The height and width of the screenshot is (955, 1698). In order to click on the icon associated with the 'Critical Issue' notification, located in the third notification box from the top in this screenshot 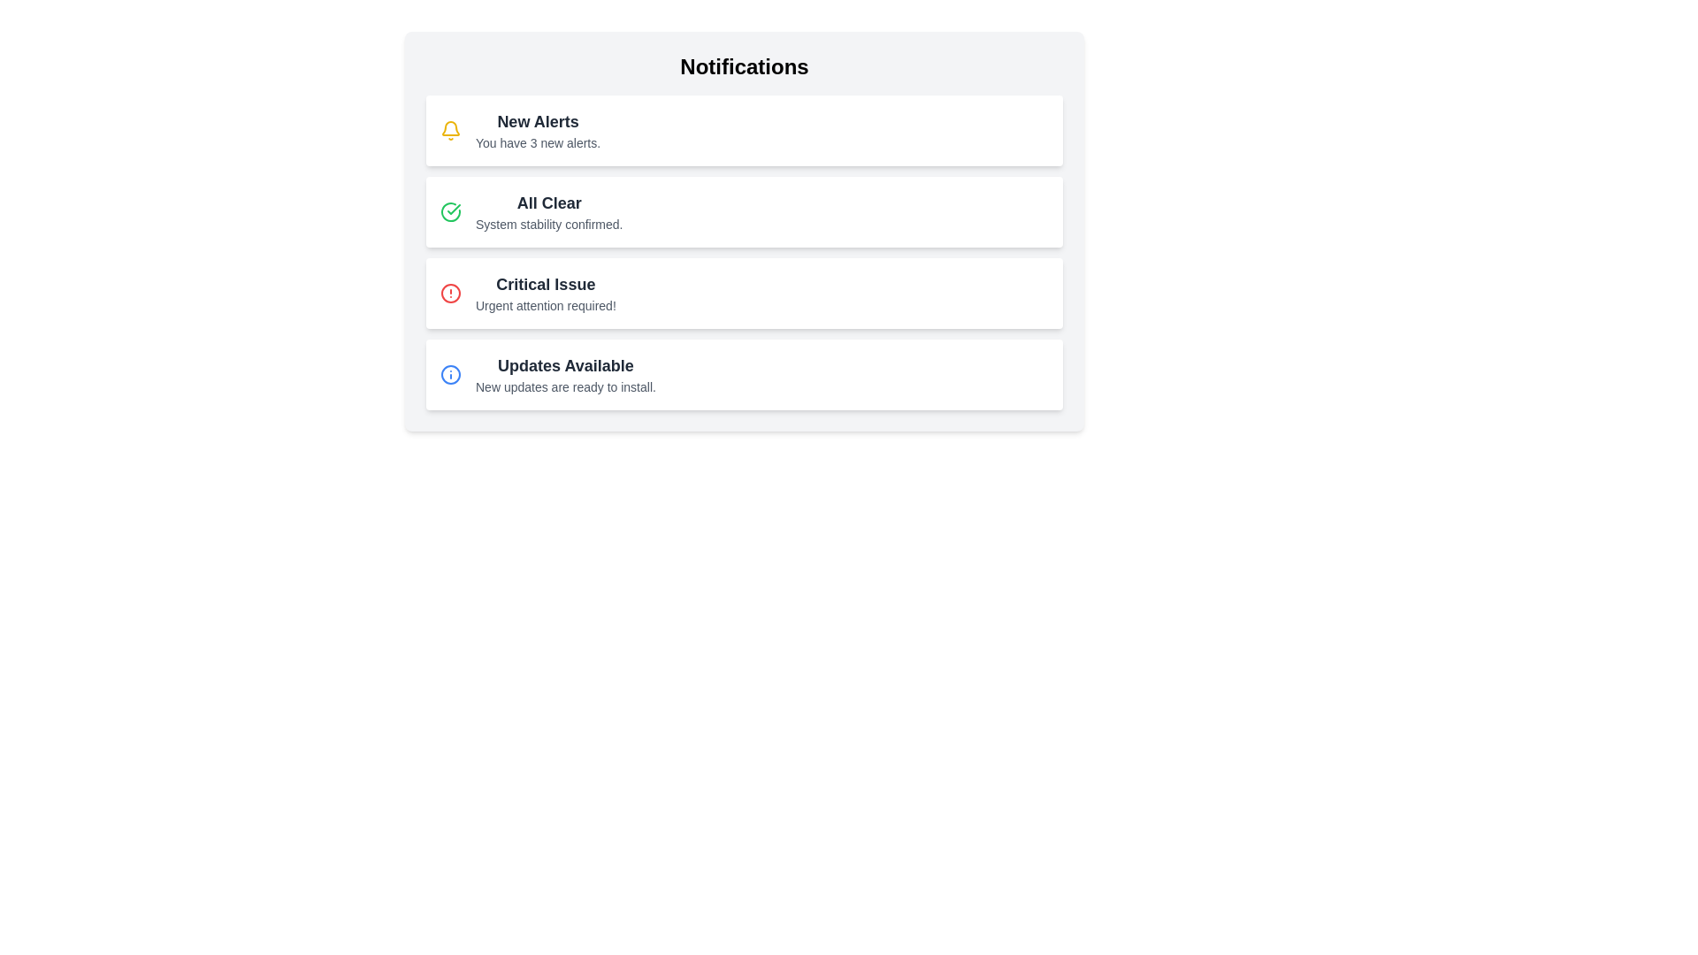, I will do `click(450, 292)`.